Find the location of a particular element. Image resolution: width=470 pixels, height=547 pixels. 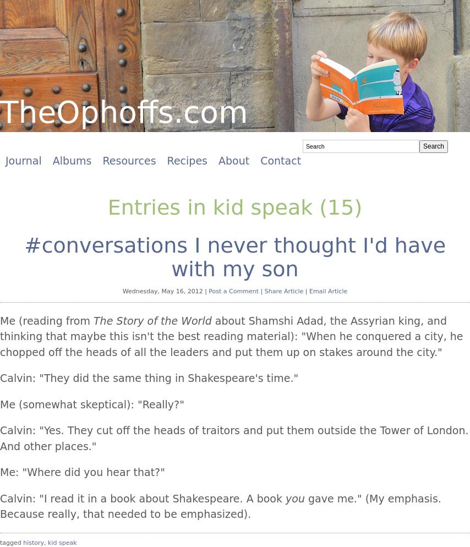

'Share Article' is located at coordinates (264, 291).